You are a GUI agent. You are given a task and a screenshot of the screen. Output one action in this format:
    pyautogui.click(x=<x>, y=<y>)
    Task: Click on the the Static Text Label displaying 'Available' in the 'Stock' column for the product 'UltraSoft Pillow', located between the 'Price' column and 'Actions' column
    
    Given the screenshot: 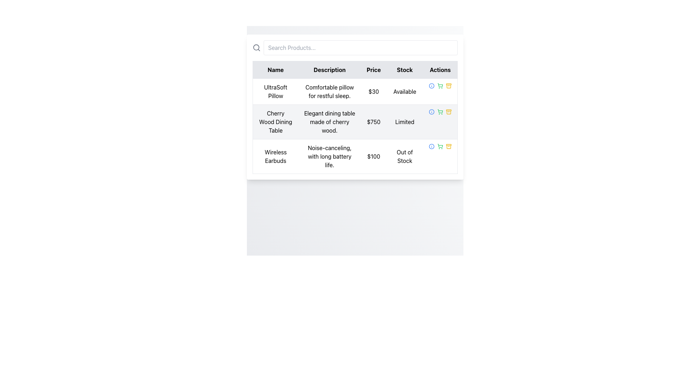 What is the action you would take?
    pyautogui.click(x=405, y=91)
    